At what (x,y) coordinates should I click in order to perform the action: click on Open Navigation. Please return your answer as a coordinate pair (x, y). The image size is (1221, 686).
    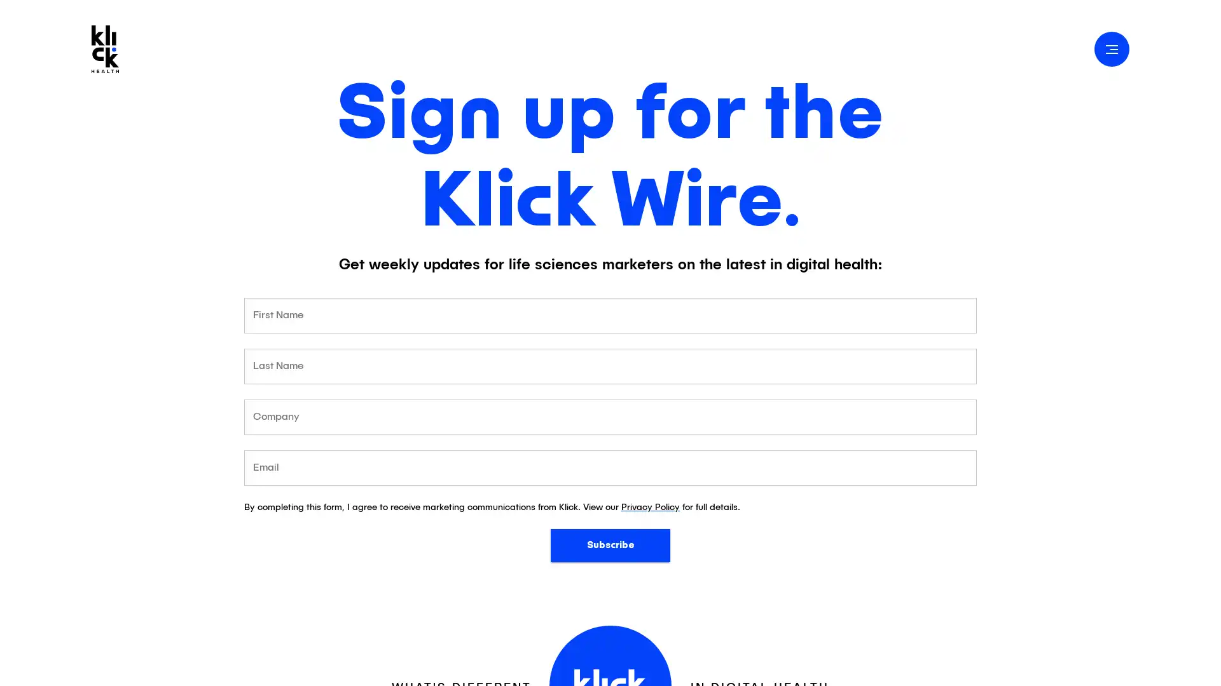
    Looking at the image, I should click on (1111, 48).